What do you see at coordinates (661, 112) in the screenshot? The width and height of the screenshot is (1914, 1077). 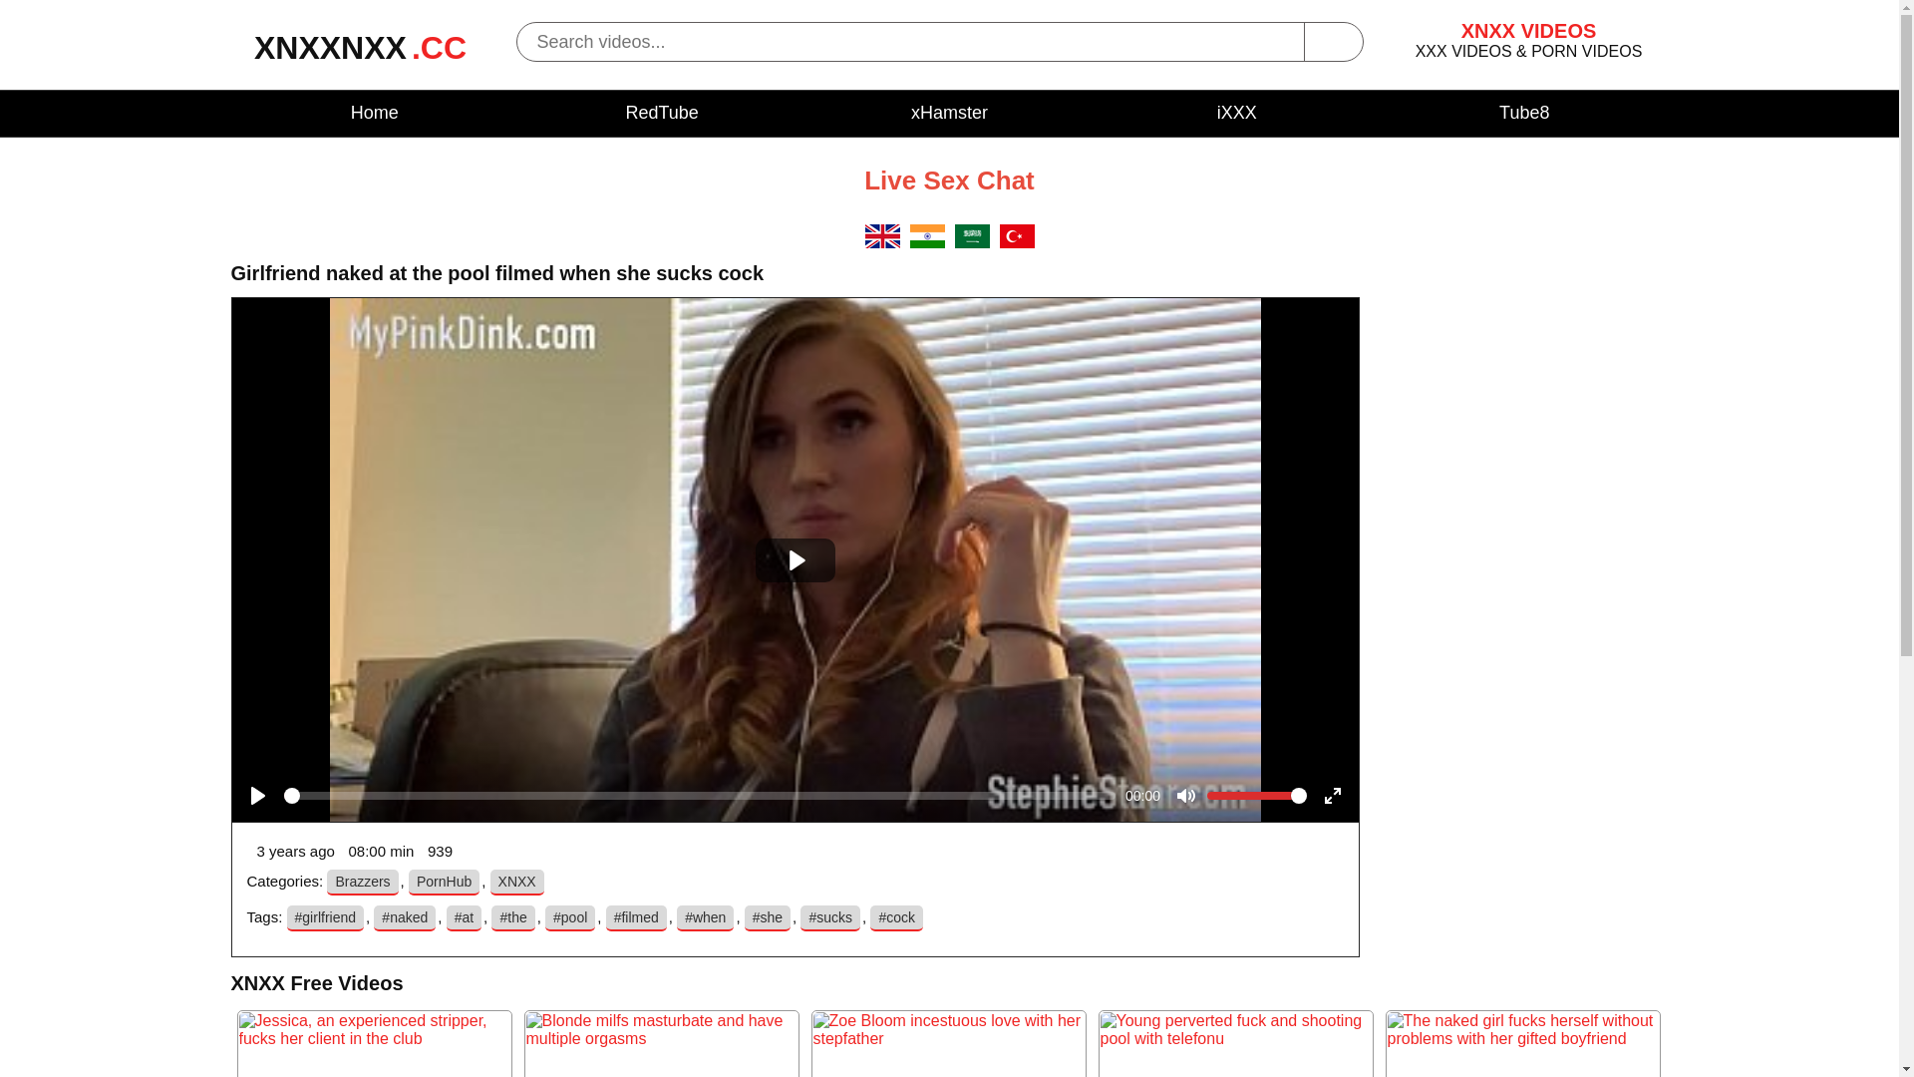 I see `'RedTube'` at bounding box center [661, 112].